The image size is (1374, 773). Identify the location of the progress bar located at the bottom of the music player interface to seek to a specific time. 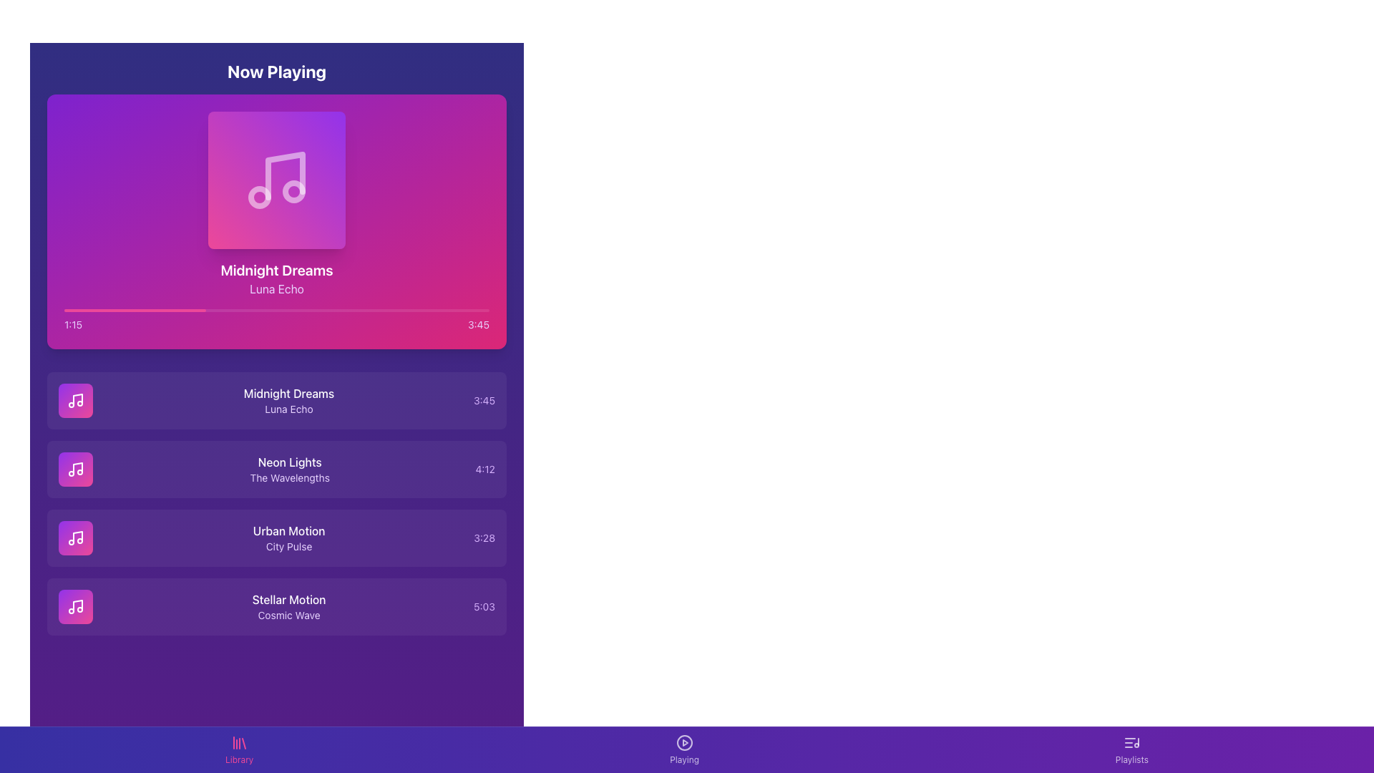
(277, 319).